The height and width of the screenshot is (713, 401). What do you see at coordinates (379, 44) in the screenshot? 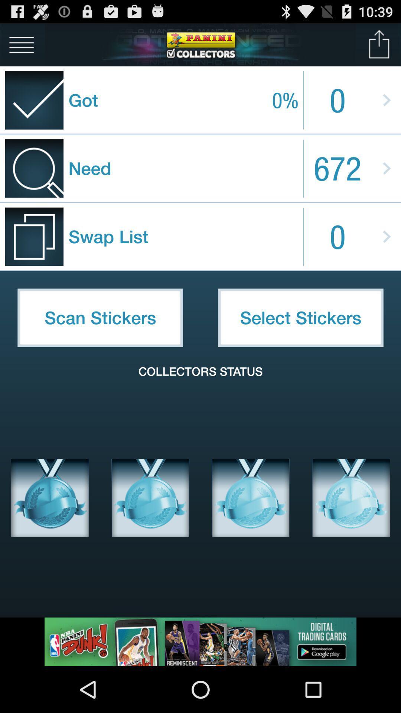
I see `the item to the right of the 0% icon` at bounding box center [379, 44].